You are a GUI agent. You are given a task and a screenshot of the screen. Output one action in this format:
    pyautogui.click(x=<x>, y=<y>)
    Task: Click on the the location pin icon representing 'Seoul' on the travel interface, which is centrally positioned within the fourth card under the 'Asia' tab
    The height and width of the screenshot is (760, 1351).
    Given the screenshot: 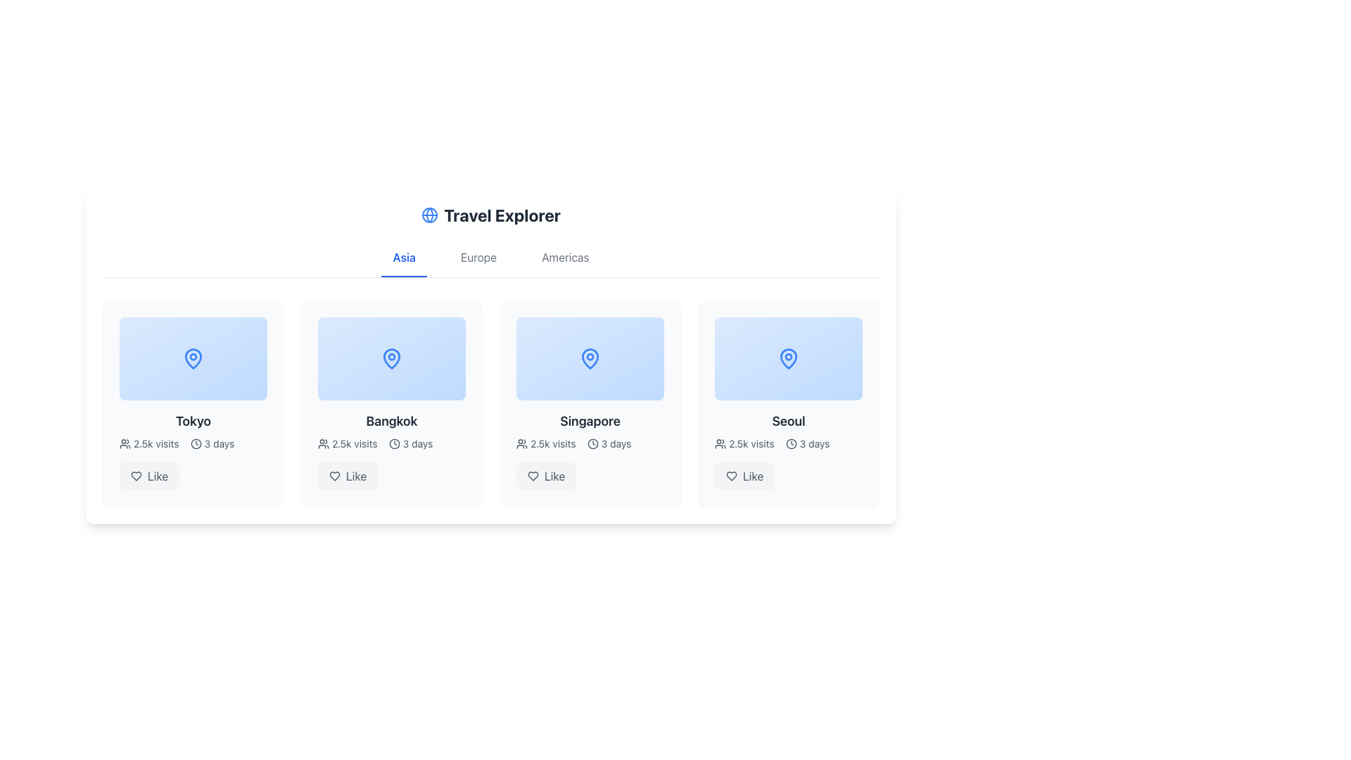 What is the action you would take?
    pyautogui.click(x=789, y=357)
    